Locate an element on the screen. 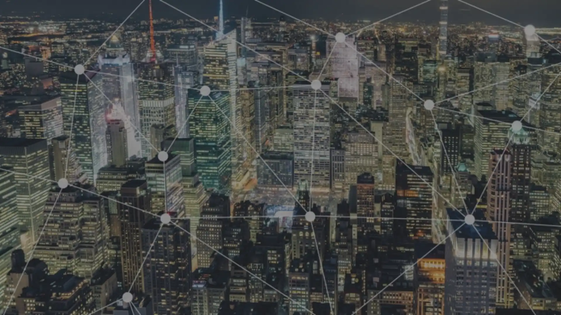 Image resolution: width=561 pixels, height=315 pixels. Click to toggle search form is located at coordinates (453, 21).